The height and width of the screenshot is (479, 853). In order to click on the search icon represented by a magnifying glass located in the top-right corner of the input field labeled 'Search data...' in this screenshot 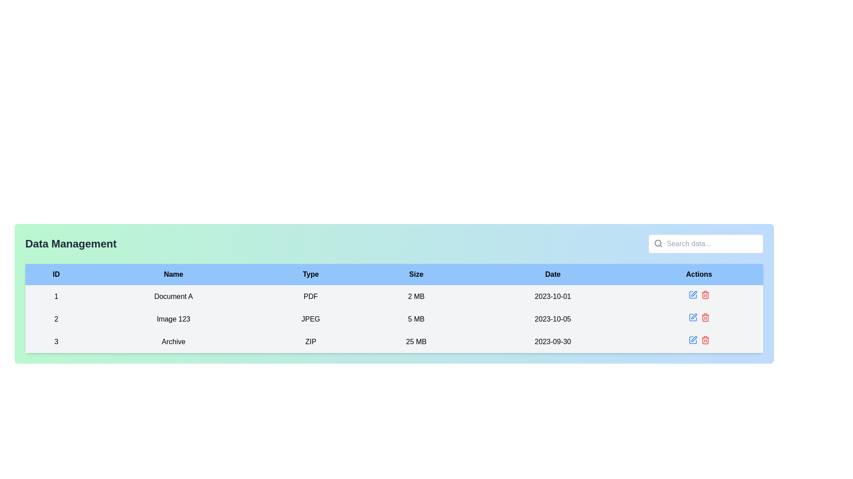, I will do `click(658, 243)`.